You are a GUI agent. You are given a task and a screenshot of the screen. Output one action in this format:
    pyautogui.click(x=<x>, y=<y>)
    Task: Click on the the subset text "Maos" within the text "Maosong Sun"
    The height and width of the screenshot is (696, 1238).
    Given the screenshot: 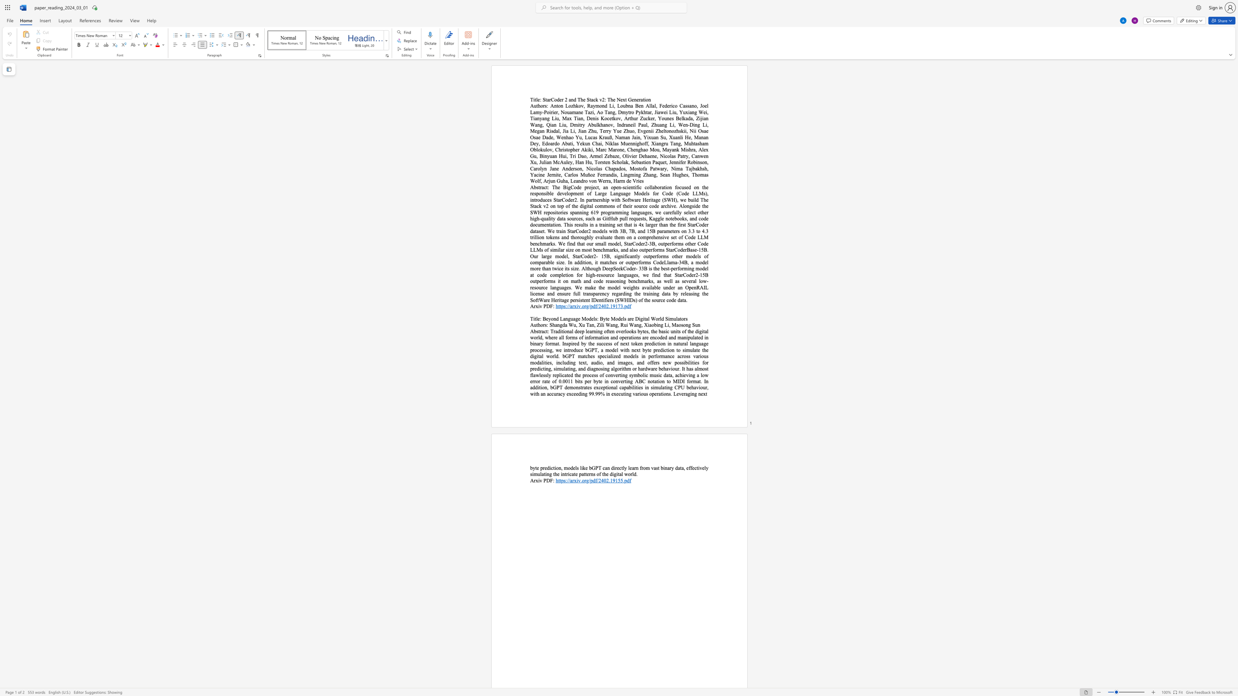 What is the action you would take?
    pyautogui.click(x=671, y=325)
    